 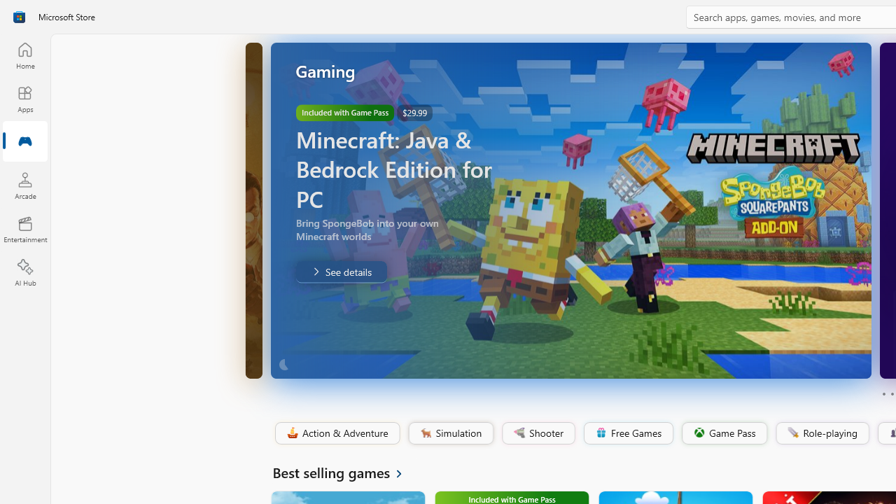 What do you see at coordinates (627, 433) in the screenshot?
I see `'Free Games'` at bounding box center [627, 433].